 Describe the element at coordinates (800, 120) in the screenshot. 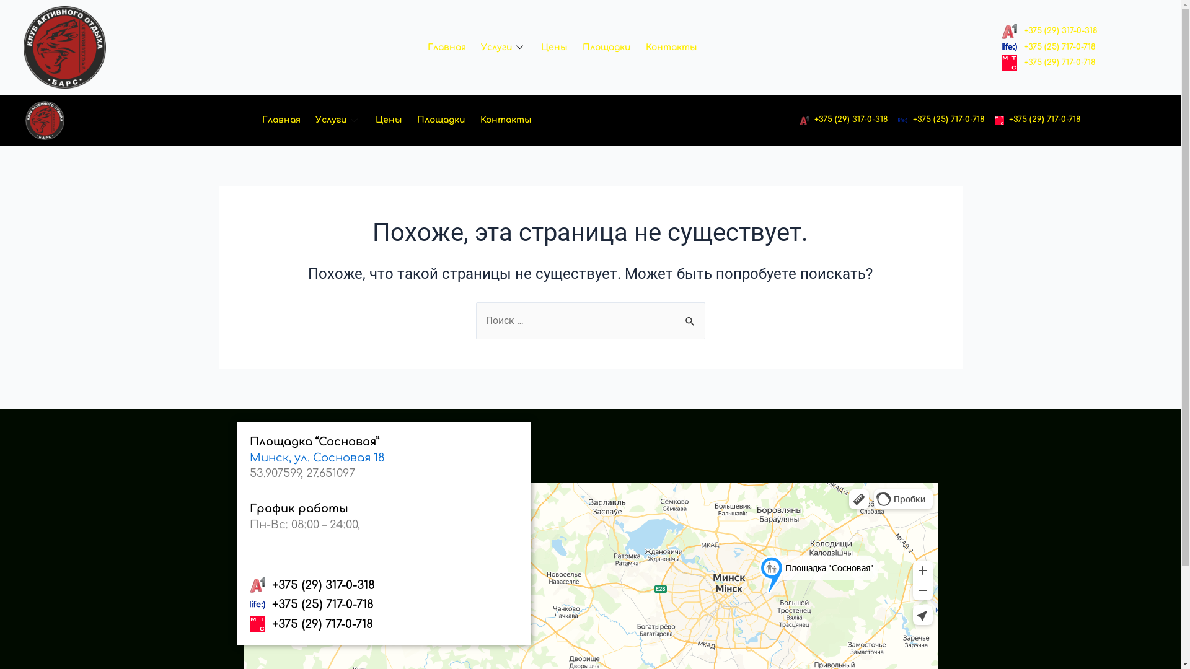

I see `'+375 (29) 317-0-318'` at that location.